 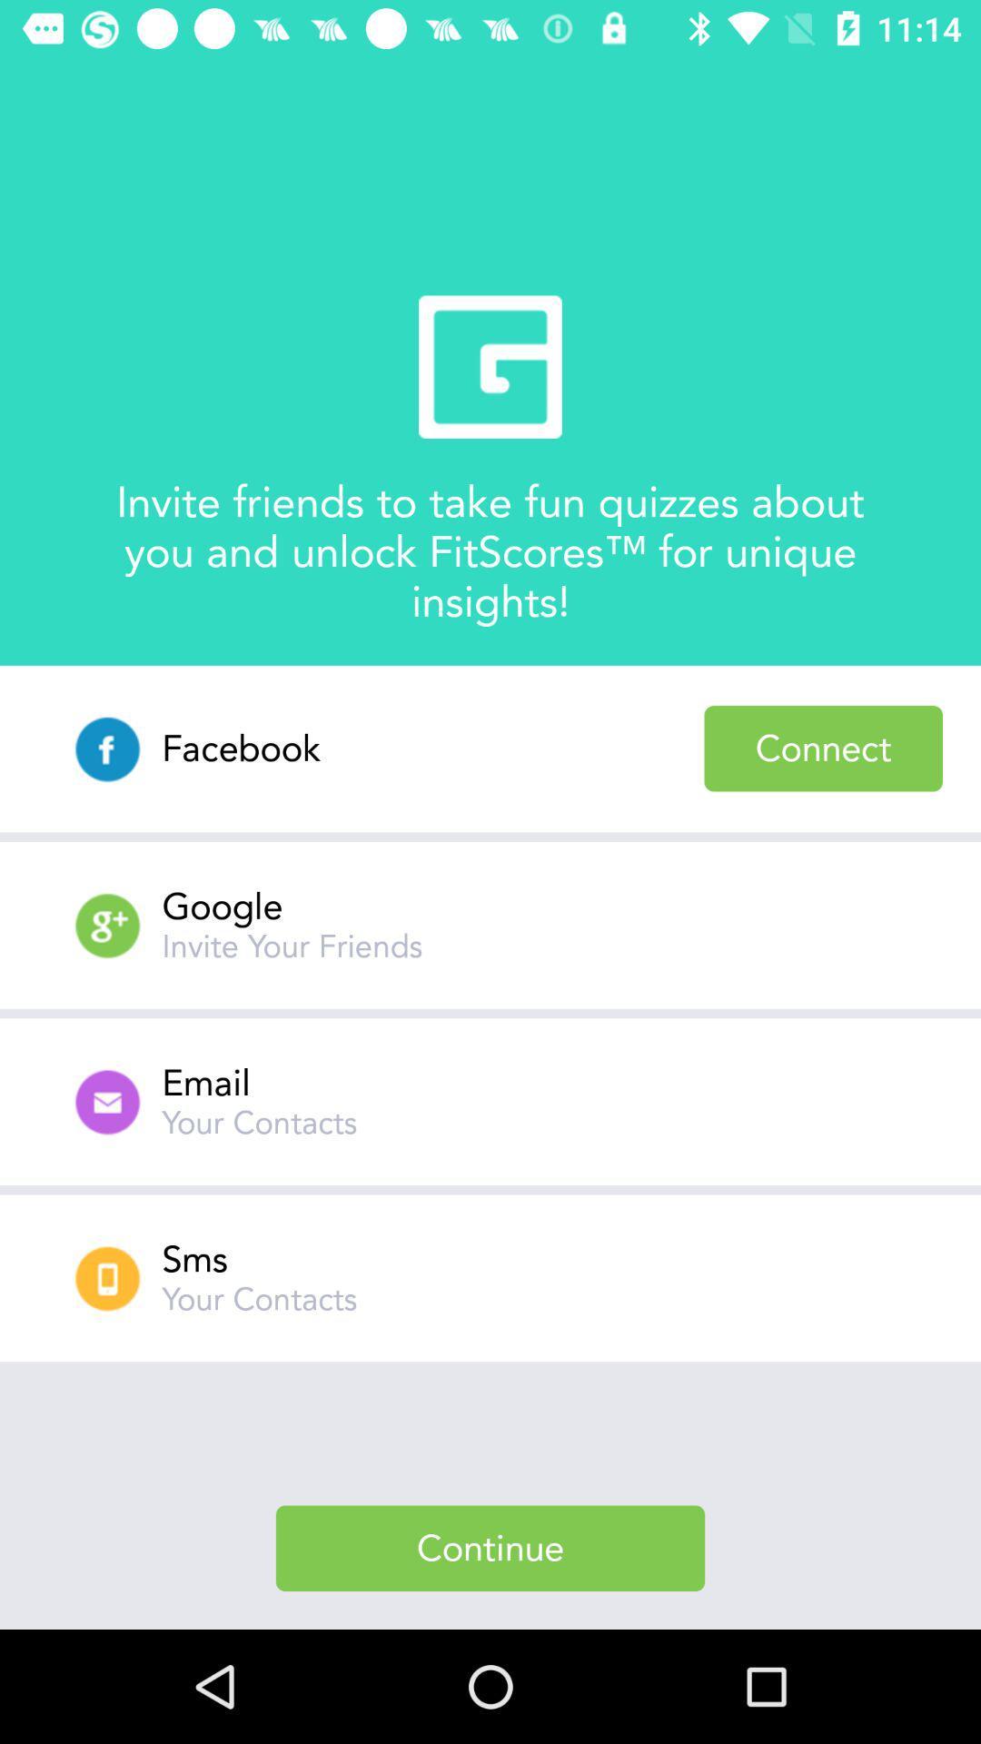 I want to click on continue item, so click(x=490, y=1547).